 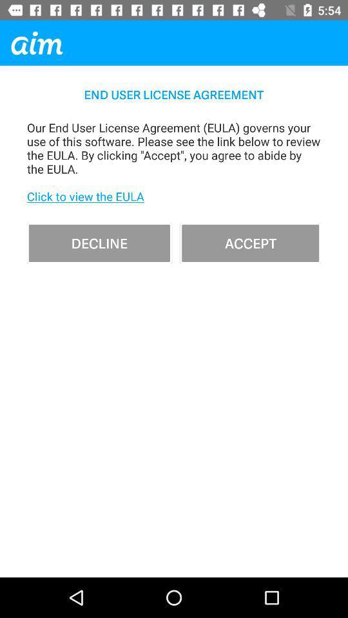 What do you see at coordinates (99, 242) in the screenshot?
I see `decline` at bounding box center [99, 242].